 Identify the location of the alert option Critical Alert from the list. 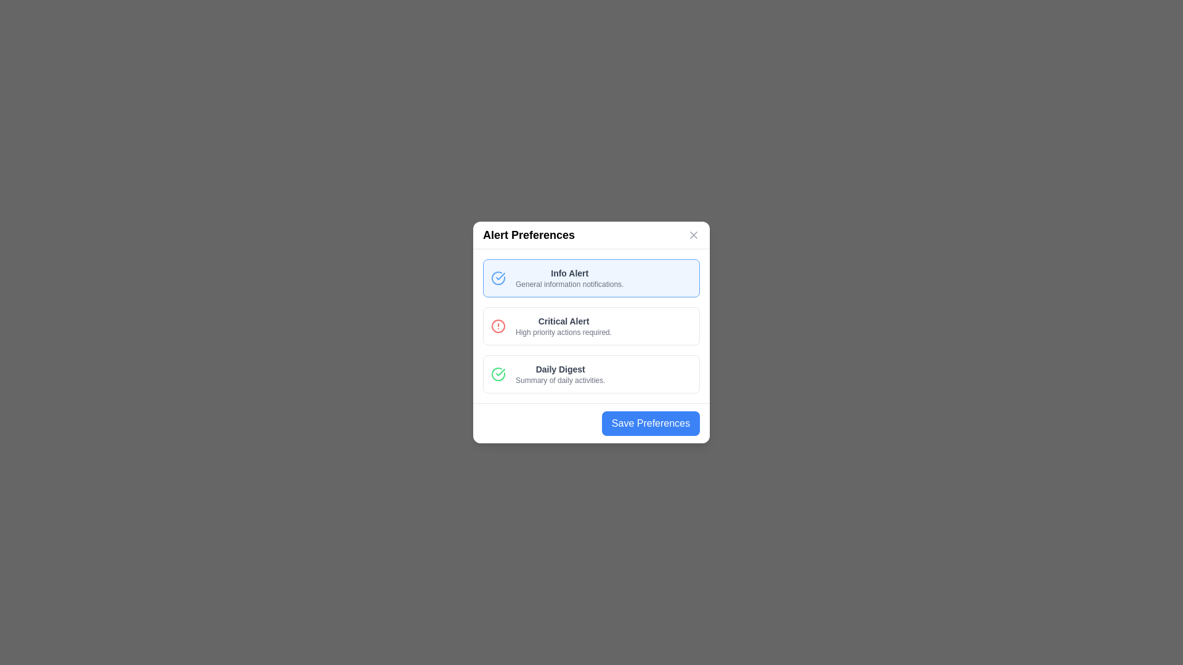
(591, 325).